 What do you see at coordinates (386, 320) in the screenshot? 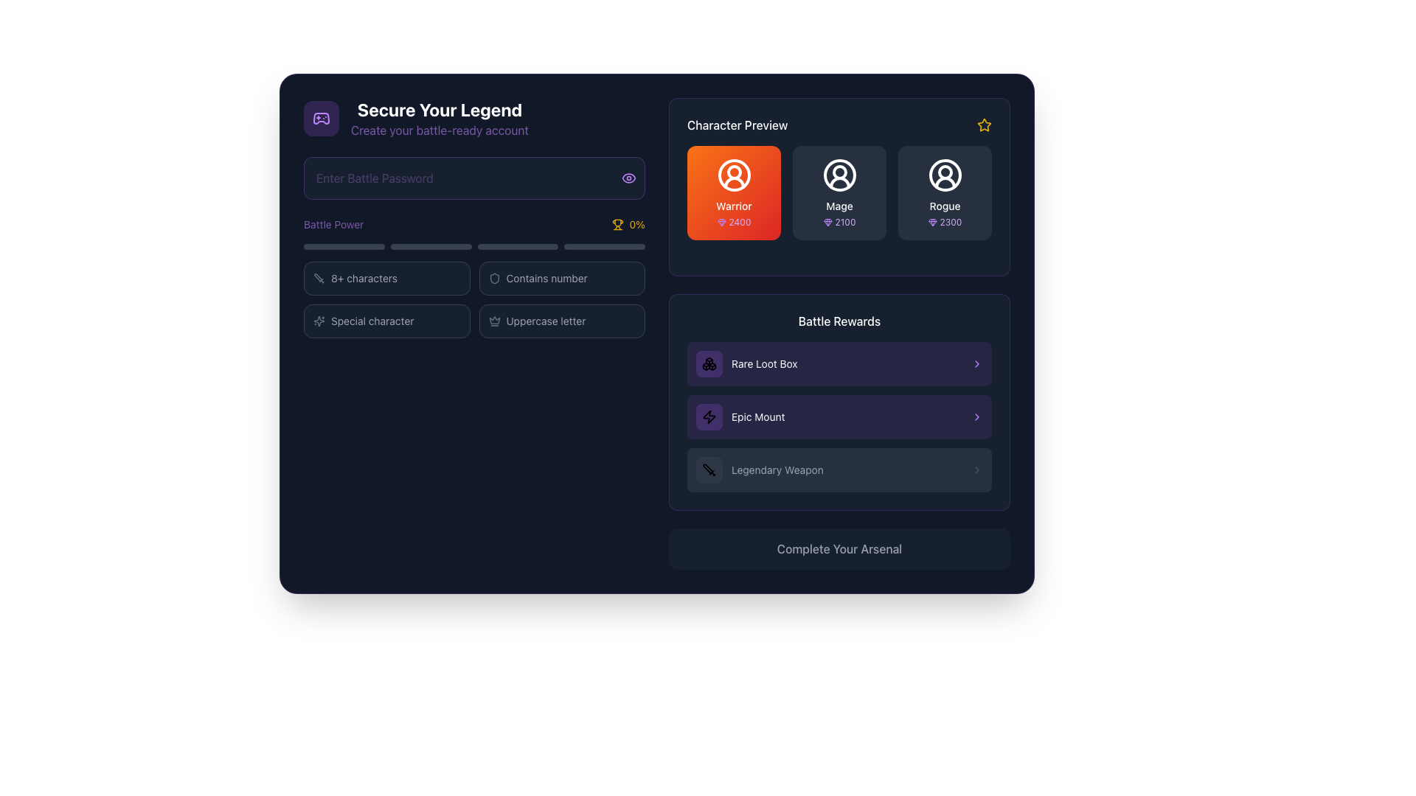
I see `the Label with an icon that contains a star-shaped icon followed by the text 'Special character', located under the 'Battle Power' section, between the '8+ characters' and 'Uppercase letter' boxes` at bounding box center [386, 320].